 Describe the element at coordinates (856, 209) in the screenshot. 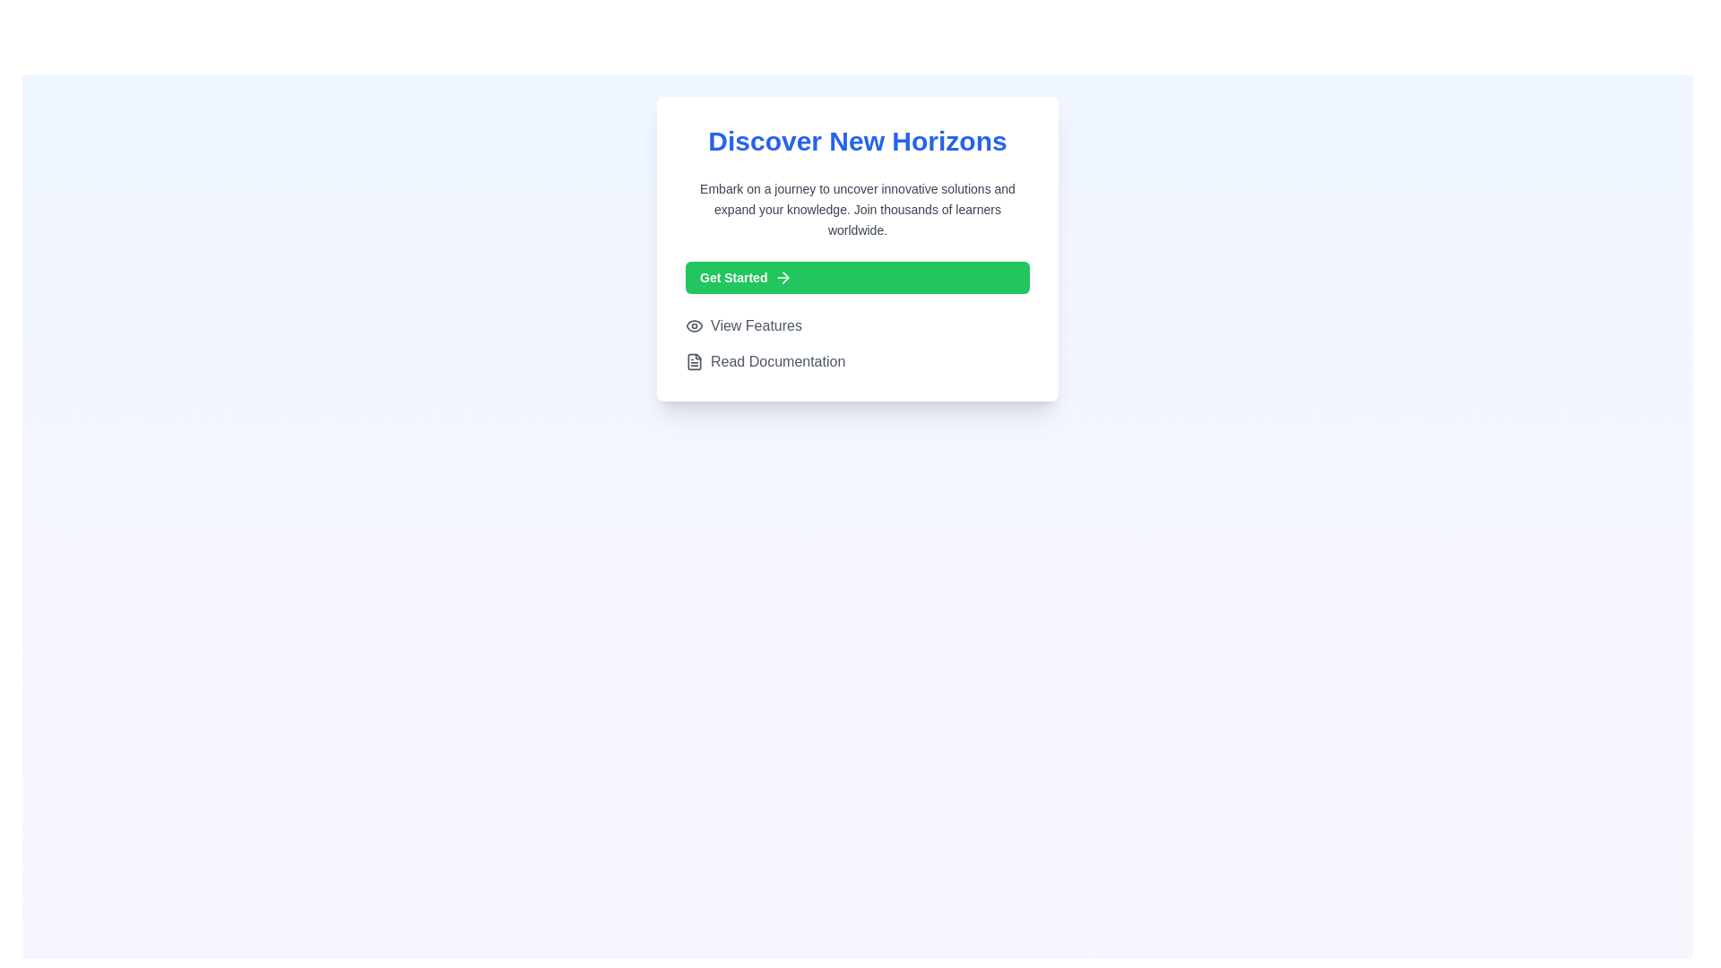

I see `the informative text block located directly under the title 'Discover New Horizons', which provides context for the section and is positioned above the 'Get Started' button` at that location.